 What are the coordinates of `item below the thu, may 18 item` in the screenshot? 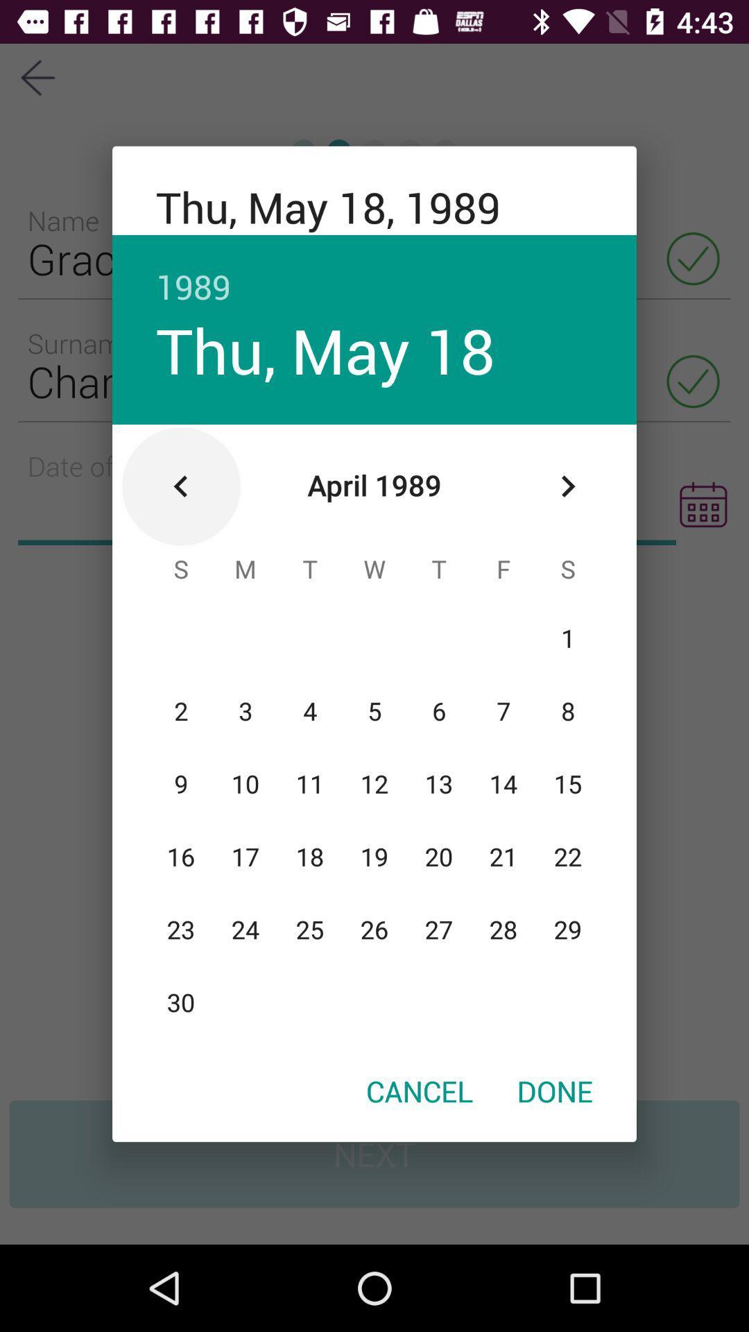 It's located at (180, 486).